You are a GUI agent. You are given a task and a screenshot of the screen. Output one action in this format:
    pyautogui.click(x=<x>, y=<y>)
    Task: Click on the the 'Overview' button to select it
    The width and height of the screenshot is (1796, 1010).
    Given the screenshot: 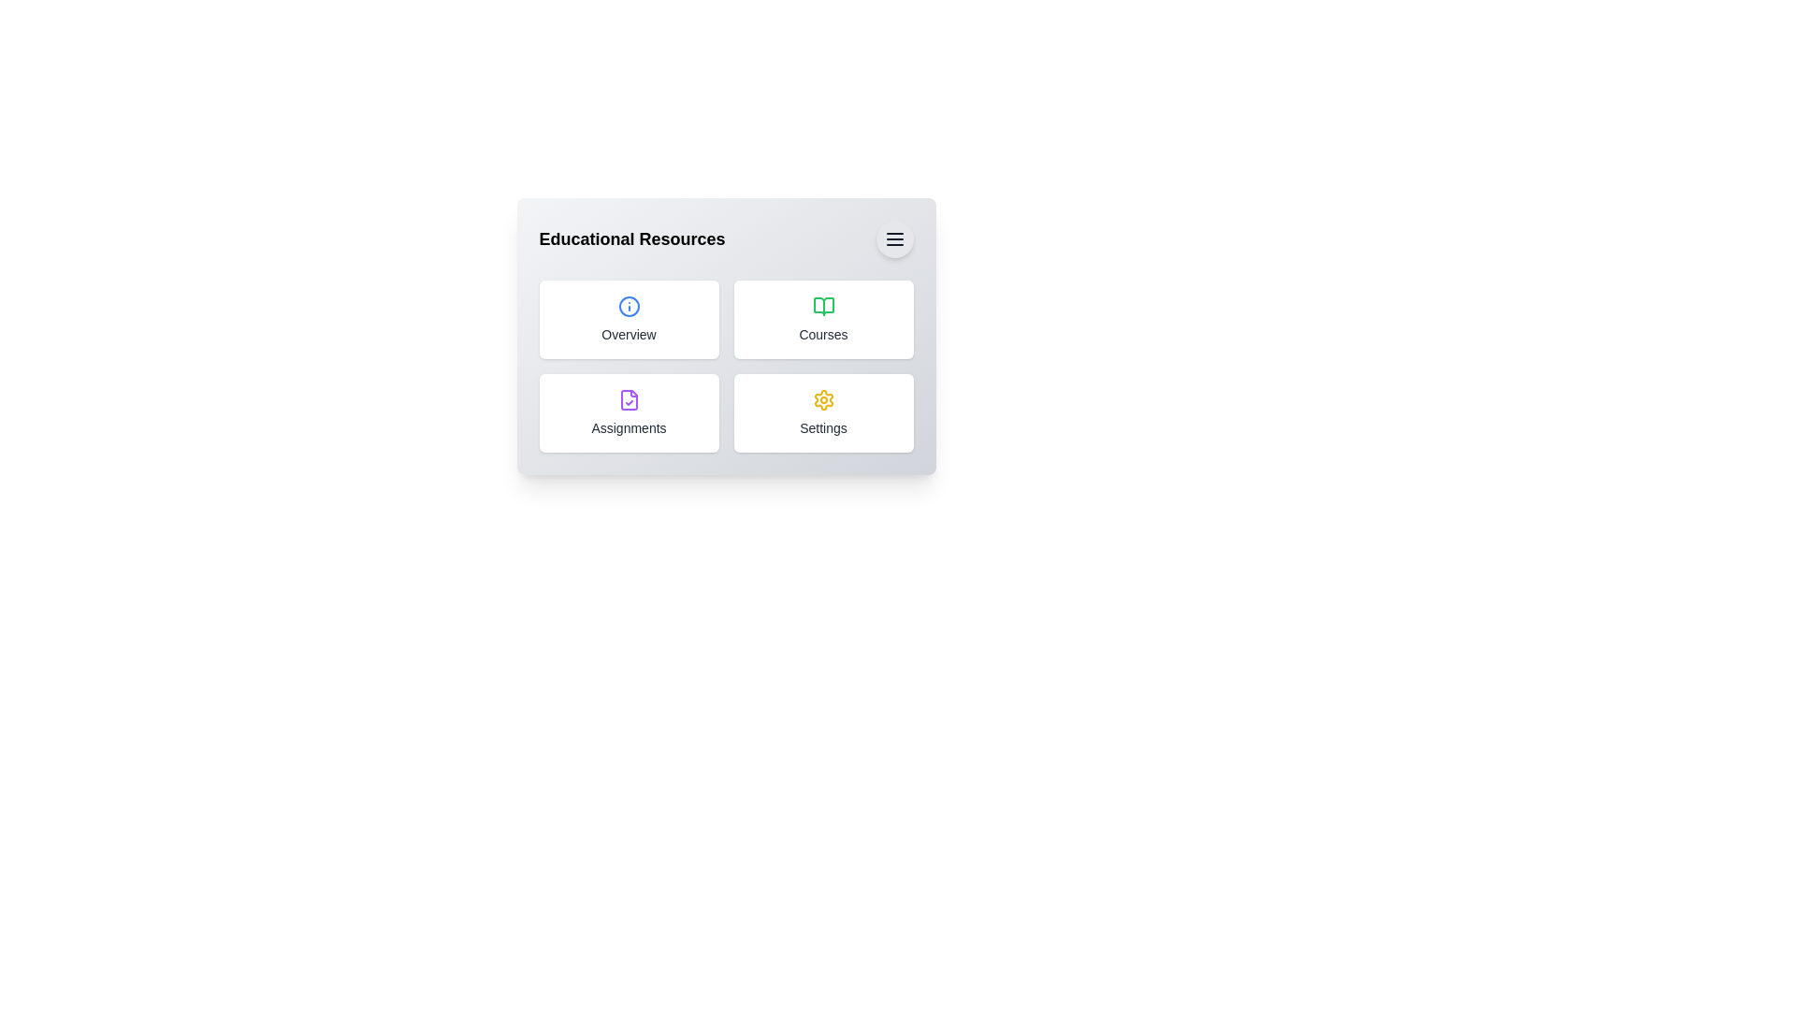 What is the action you would take?
    pyautogui.click(x=629, y=319)
    